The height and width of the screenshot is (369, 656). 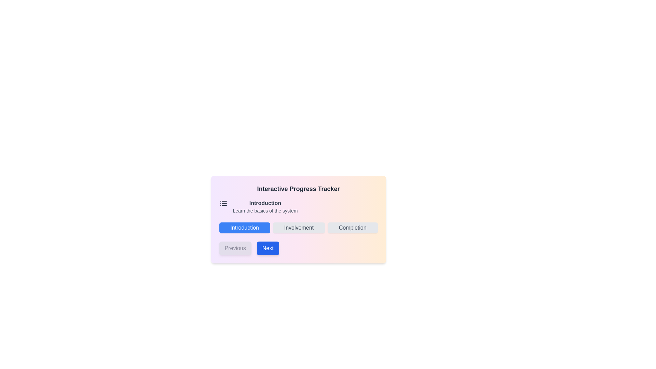 I want to click on the title and subtitle pair element labeled 'Introduction', which provides a brief overview and is positioned below a list-style icon and above the tabs labeled 'Introduction', 'Involvement', and 'Completion', so click(x=265, y=206).